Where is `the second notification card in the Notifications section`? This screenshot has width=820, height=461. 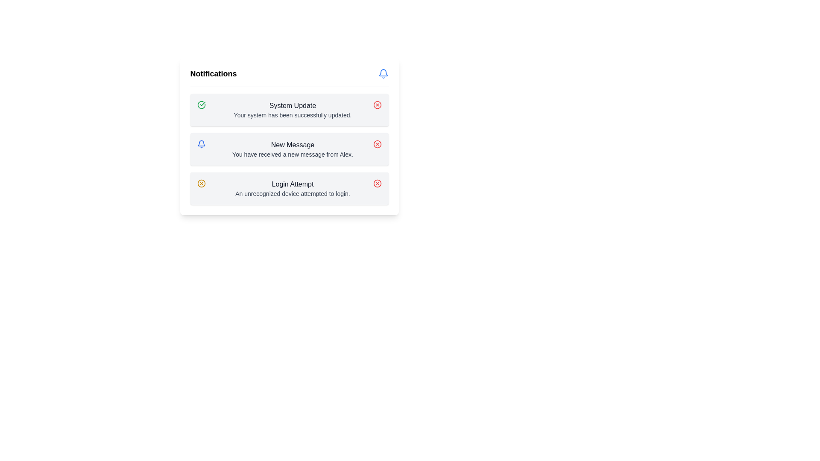 the second notification card in the Notifications section is located at coordinates (289, 149).